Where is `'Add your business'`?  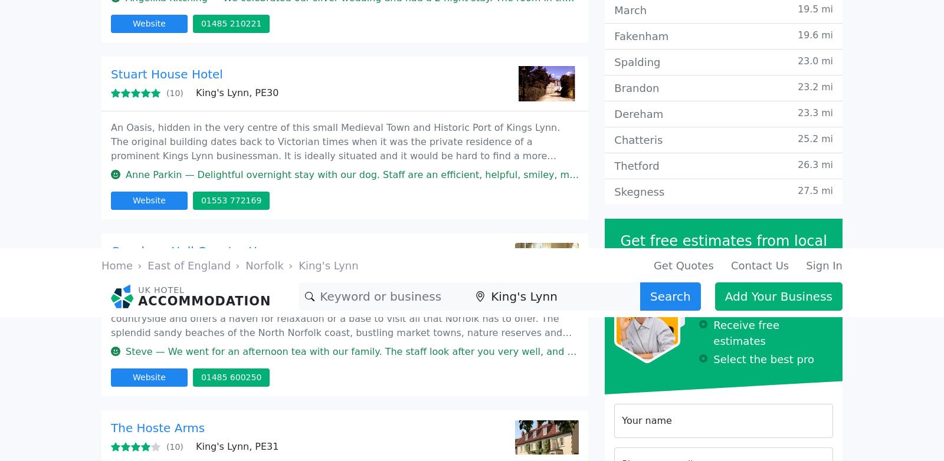
'Add your business' is located at coordinates (653, 141).